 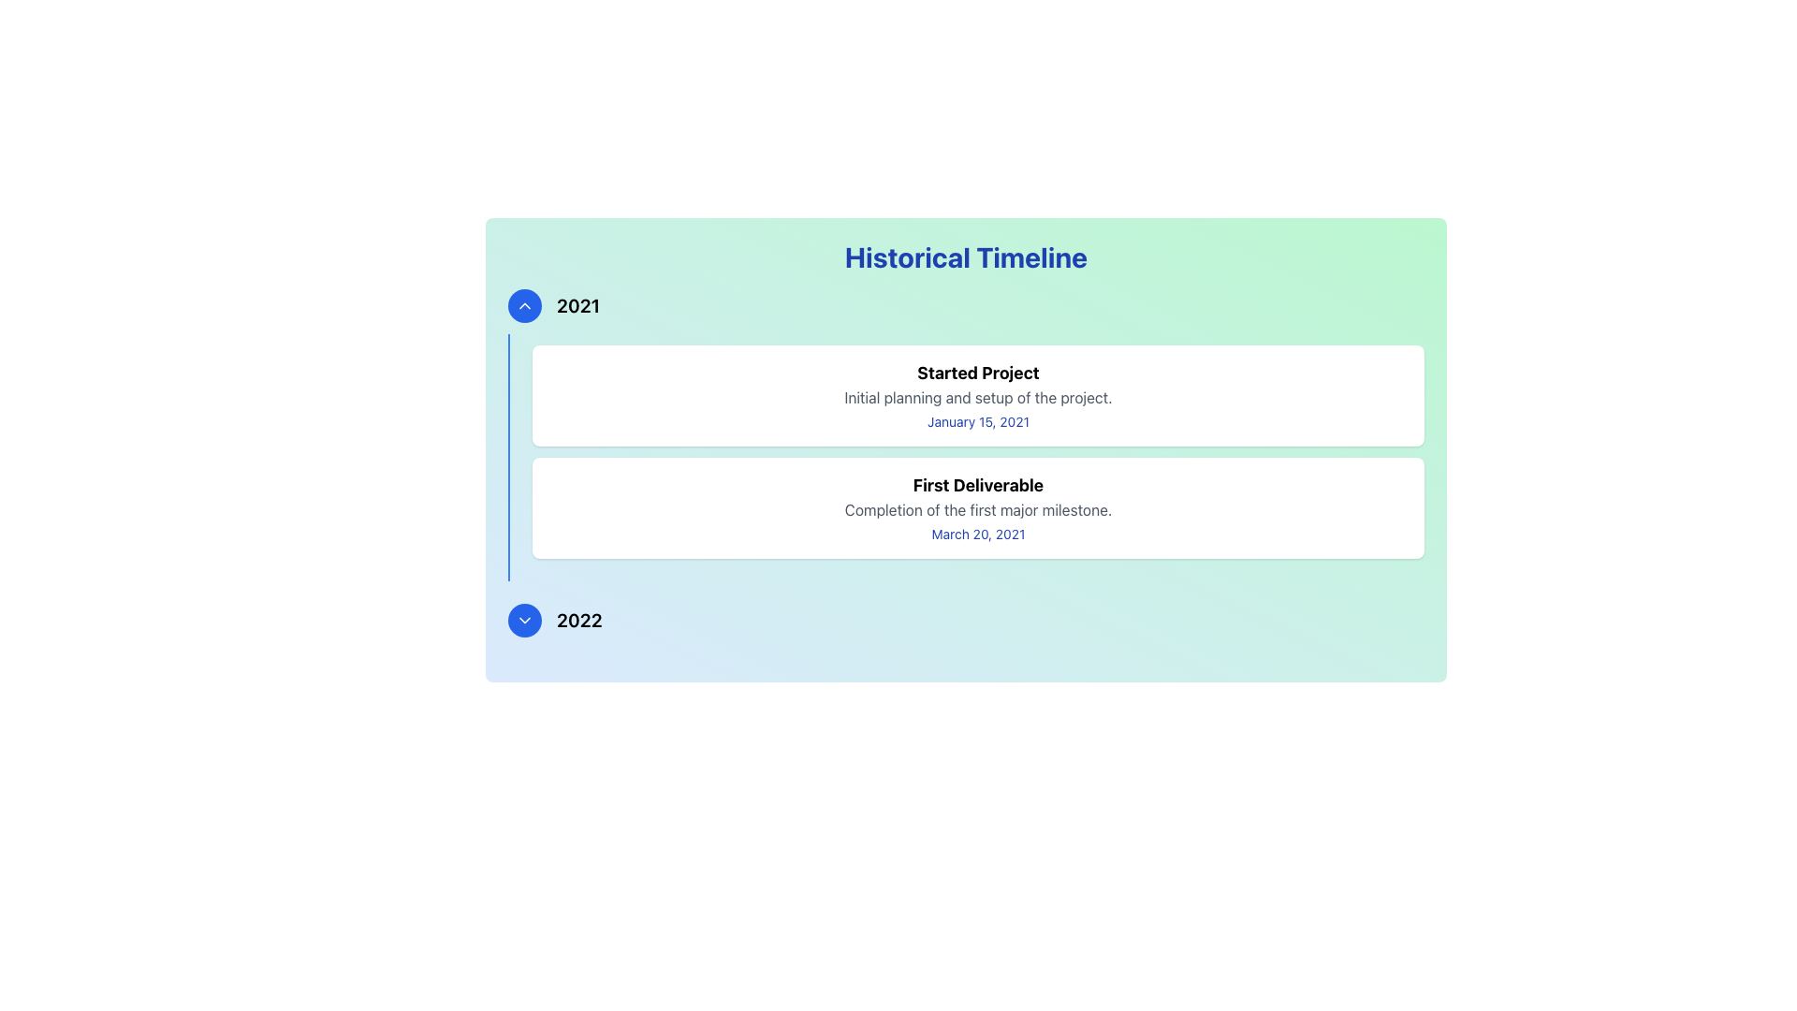 What do you see at coordinates (977, 396) in the screenshot?
I see `the text element displaying 'Initial planning and setup of the project.' which is styled in gray and is located below the title 'Started Project'` at bounding box center [977, 396].